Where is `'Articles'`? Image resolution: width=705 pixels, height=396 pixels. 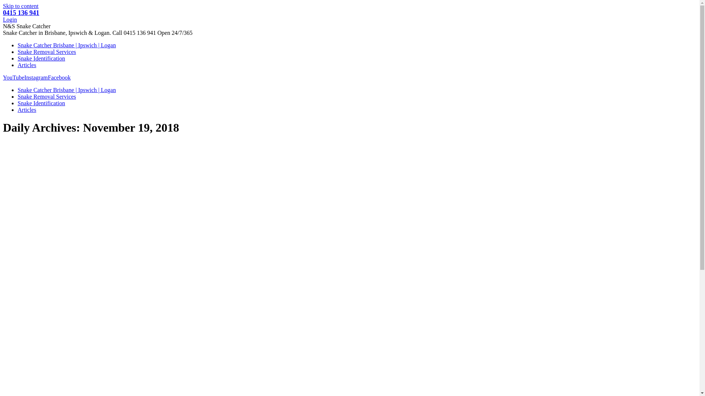 'Articles' is located at coordinates (27, 110).